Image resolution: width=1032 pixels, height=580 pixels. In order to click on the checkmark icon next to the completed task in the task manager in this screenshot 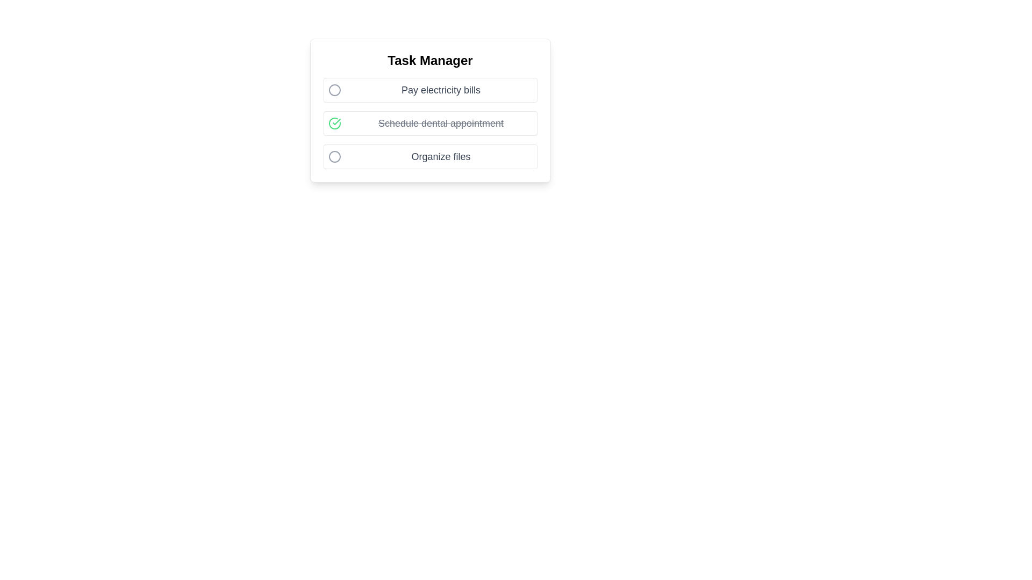, I will do `click(430, 123)`.